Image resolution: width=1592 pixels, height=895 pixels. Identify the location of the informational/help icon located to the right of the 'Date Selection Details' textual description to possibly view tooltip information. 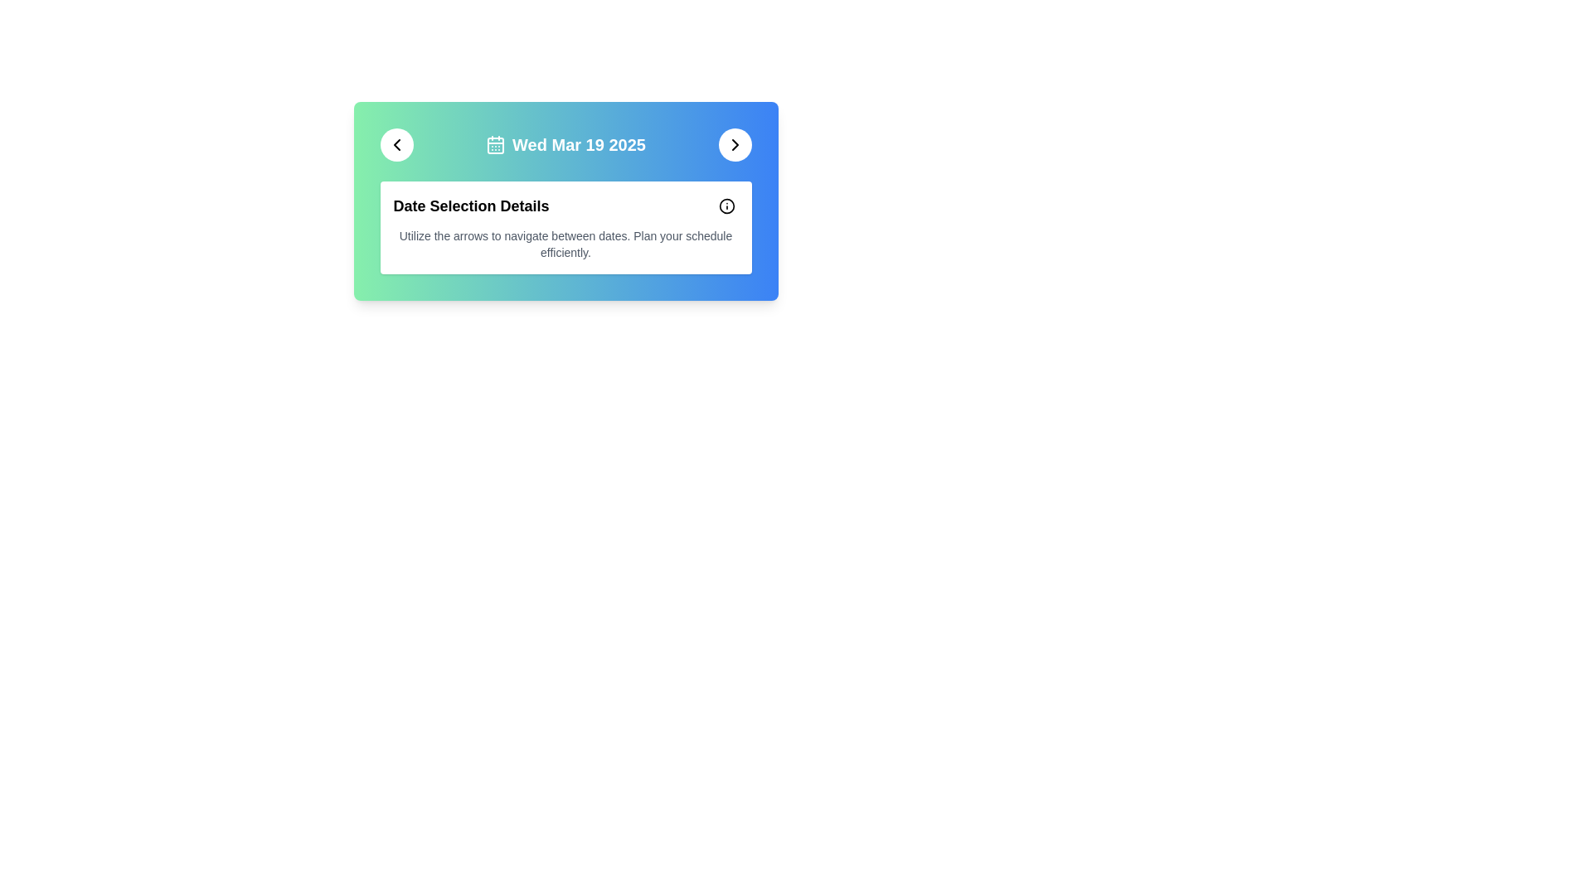
(726, 206).